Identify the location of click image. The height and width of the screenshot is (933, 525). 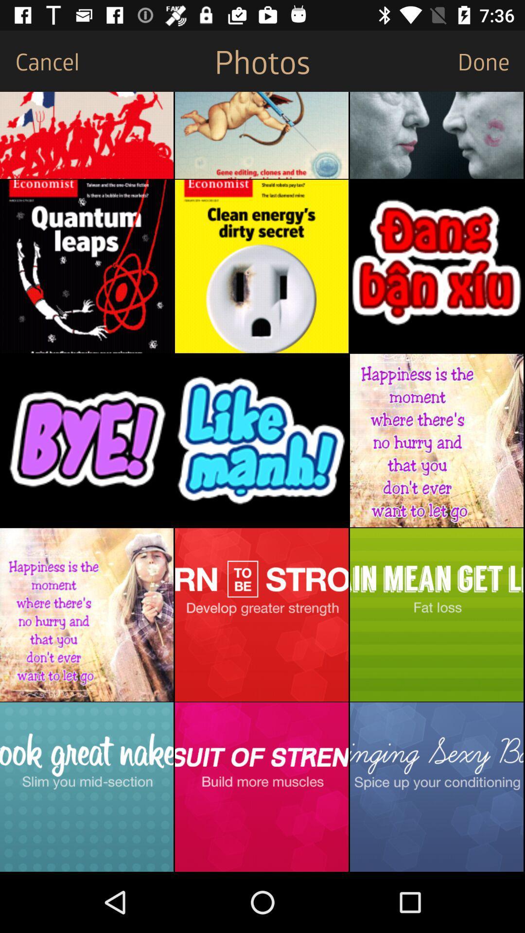
(261, 614).